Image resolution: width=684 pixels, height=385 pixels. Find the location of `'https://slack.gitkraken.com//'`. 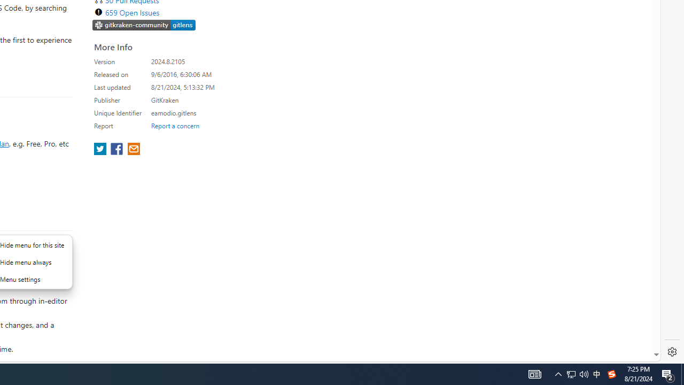

'https://slack.gitkraken.com//' is located at coordinates (144, 24).